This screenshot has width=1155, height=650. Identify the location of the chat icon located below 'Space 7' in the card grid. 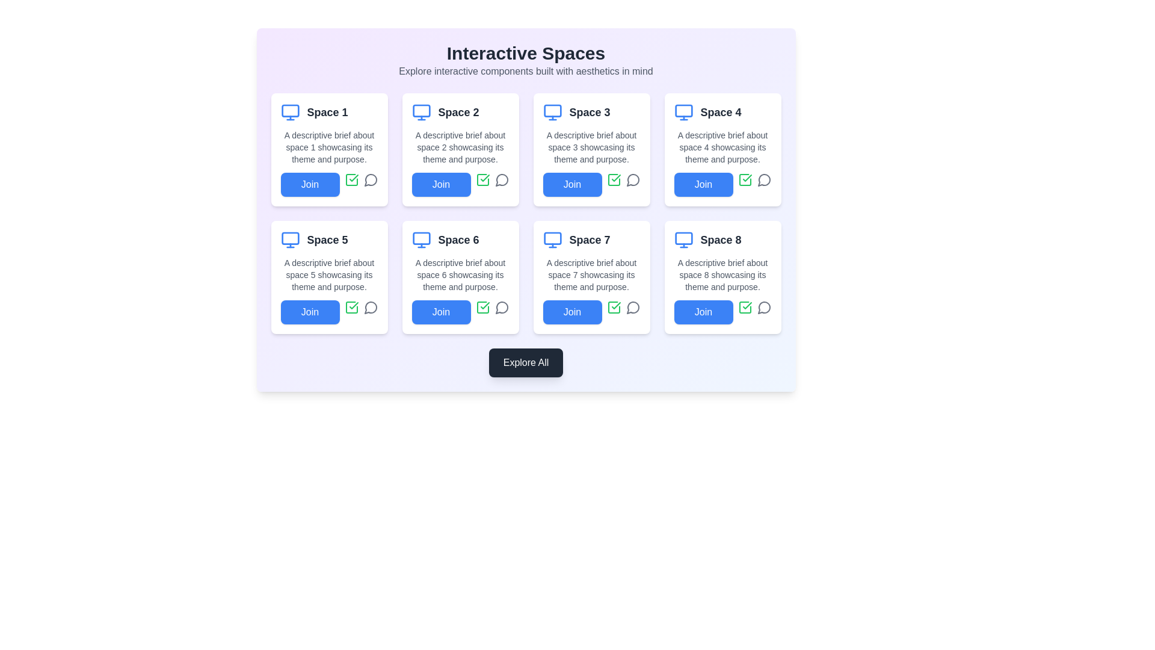
(632, 306).